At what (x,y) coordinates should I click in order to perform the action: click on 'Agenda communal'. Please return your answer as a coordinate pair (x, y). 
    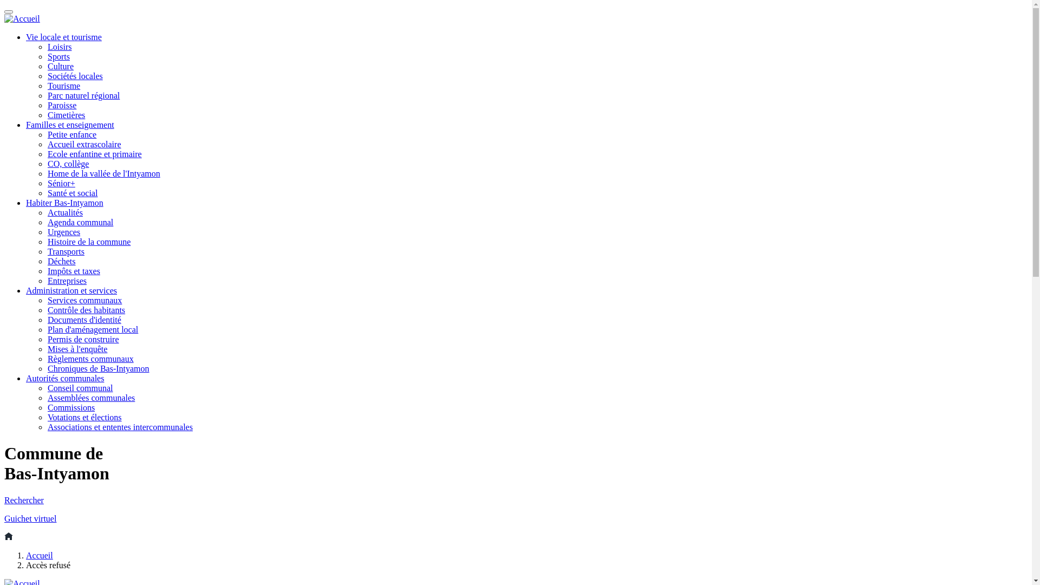
    Looking at the image, I should click on (80, 222).